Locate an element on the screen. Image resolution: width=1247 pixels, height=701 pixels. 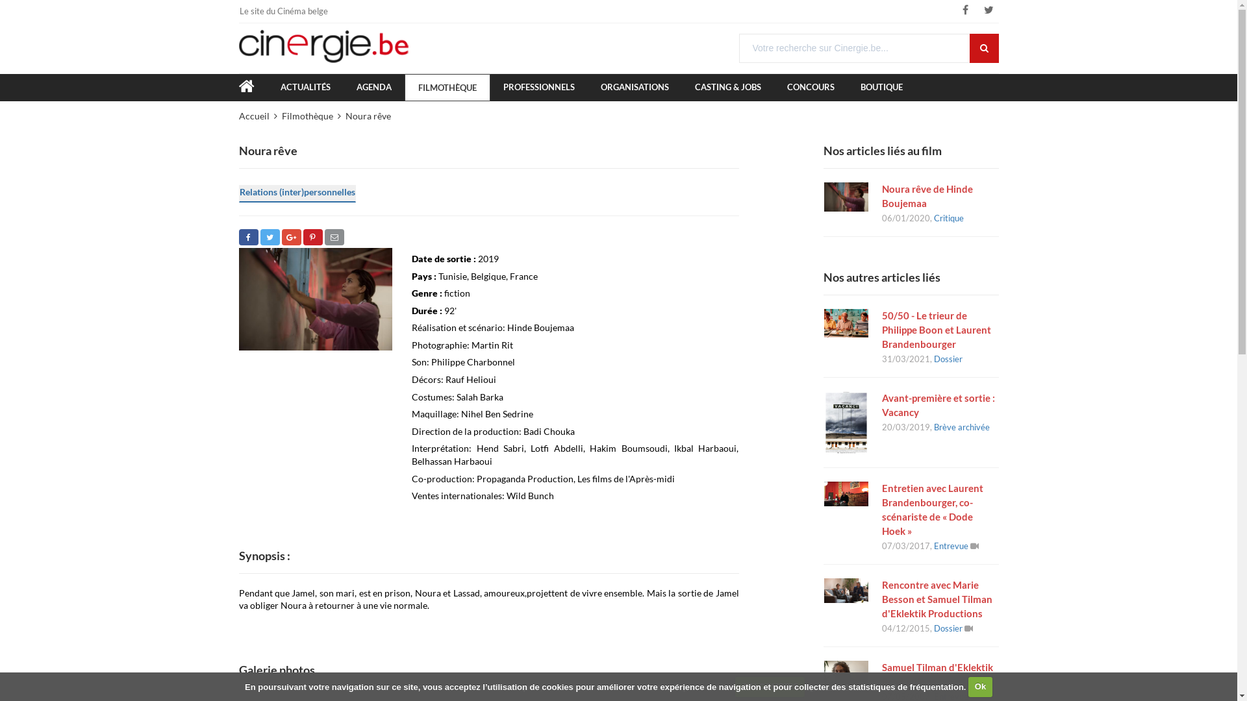
'Je tweete' is located at coordinates (268, 237).